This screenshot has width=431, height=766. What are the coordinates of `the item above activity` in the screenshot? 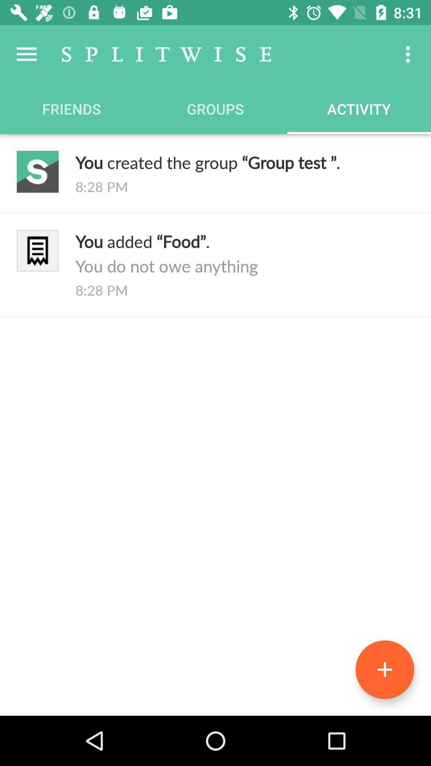 It's located at (410, 54).